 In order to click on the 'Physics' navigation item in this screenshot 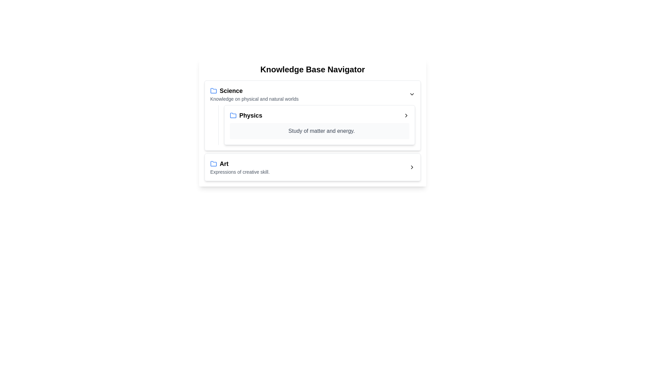, I will do `click(319, 125)`.